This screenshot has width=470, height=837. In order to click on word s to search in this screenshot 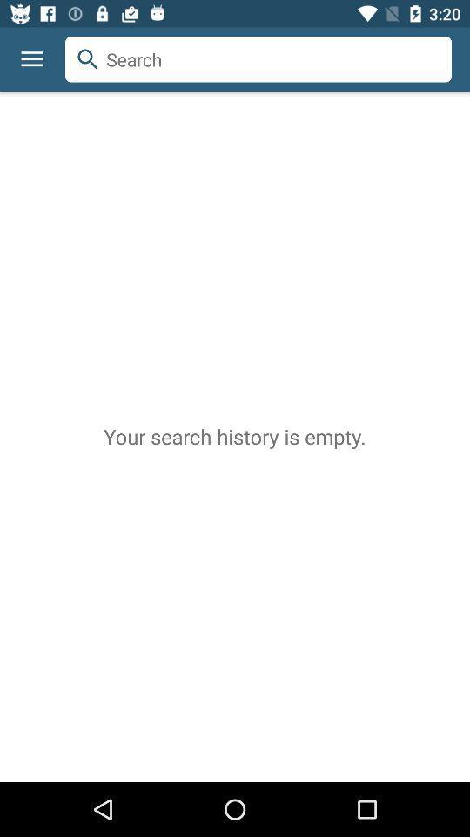, I will do `click(258, 59)`.